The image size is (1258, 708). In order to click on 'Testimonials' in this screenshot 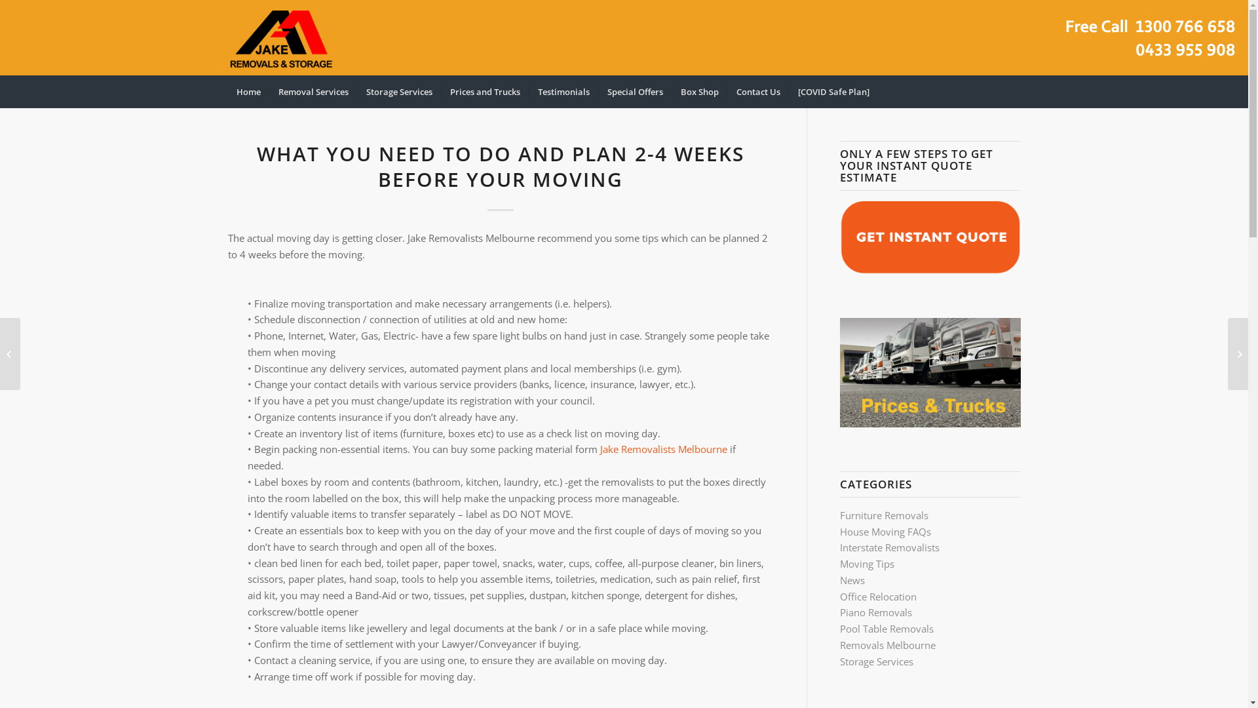, I will do `click(563, 90)`.